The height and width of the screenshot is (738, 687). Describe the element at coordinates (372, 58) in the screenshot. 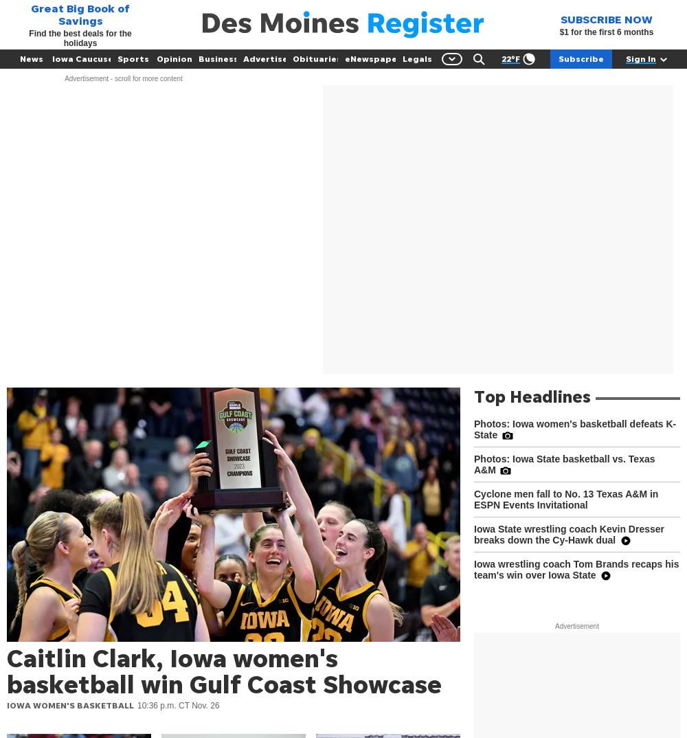

I see `'eNewspaper'` at that location.